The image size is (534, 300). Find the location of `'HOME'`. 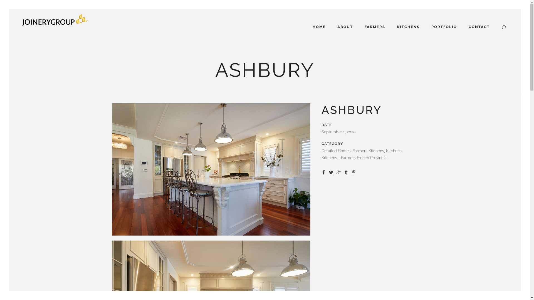

'HOME' is located at coordinates (307, 27).